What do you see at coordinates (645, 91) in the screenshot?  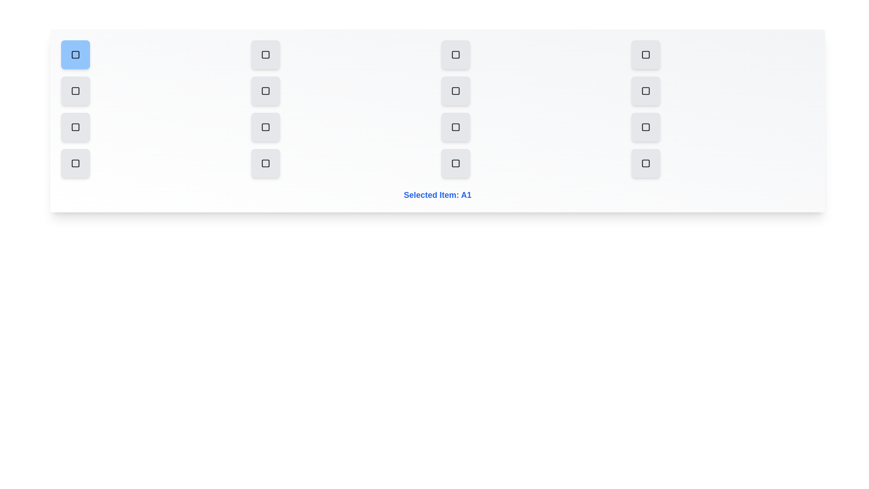 I see `the grid item B4 to select it` at bounding box center [645, 91].